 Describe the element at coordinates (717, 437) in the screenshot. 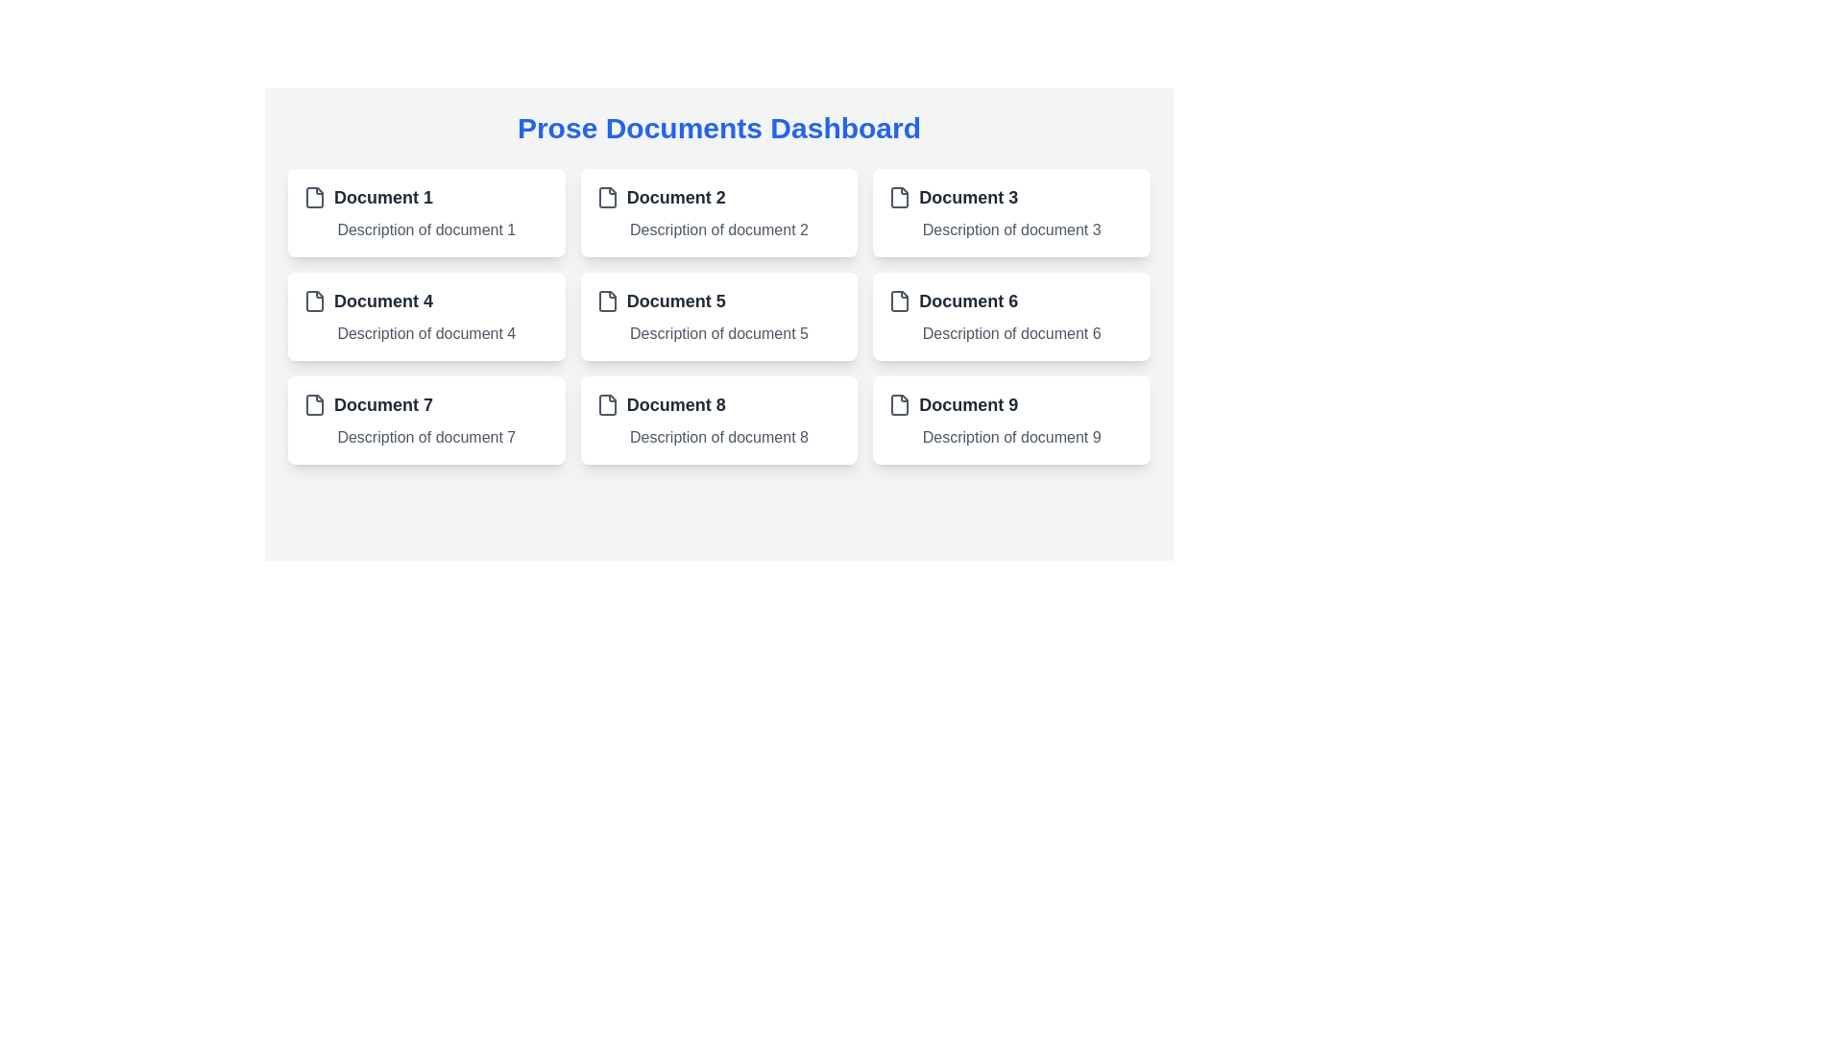

I see `the text label that contains 'Description of document 8', which is styled in gray and located below the header 'Document 8' within the eighth card in the grid layout` at that location.